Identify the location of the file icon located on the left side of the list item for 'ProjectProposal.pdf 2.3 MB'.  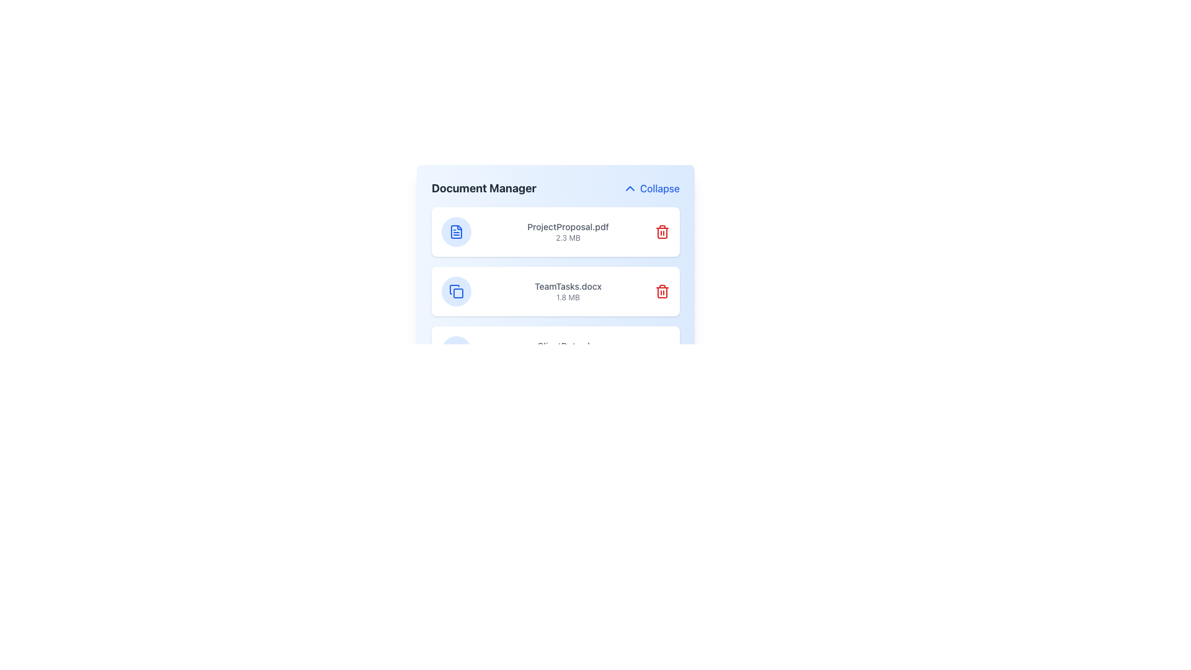
(455, 232).